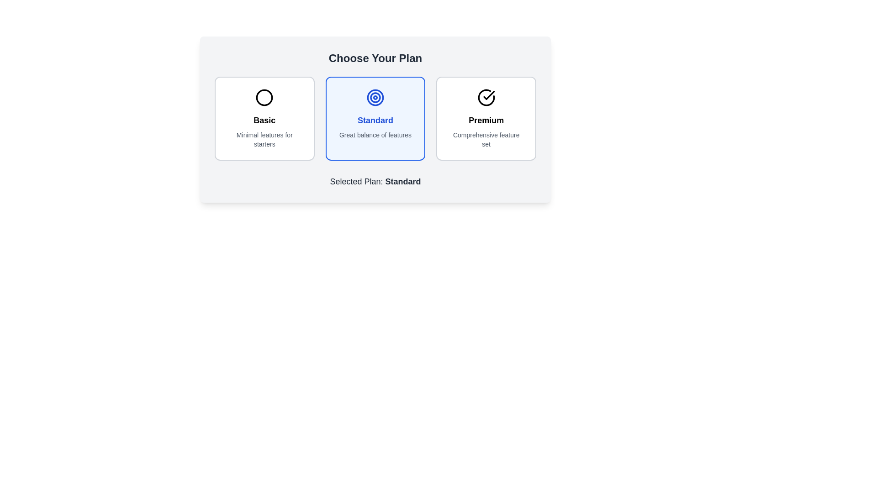 This screenshot has height=493, width=877. Describe the element at coordinates (264, 97) in the screenshot. I see `the thinly outlined circular icon located at the top center section of the interface, within the 'Basic' card` at that location.